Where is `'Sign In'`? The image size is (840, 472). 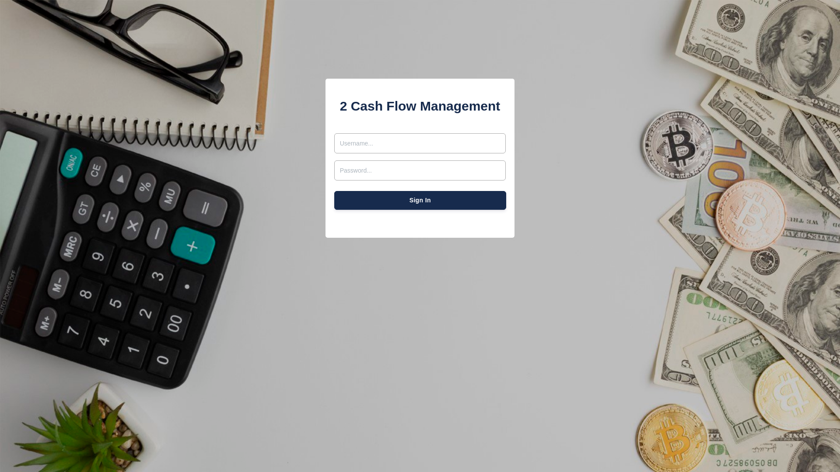
'Sign In' is located at coordinates (420, 200).